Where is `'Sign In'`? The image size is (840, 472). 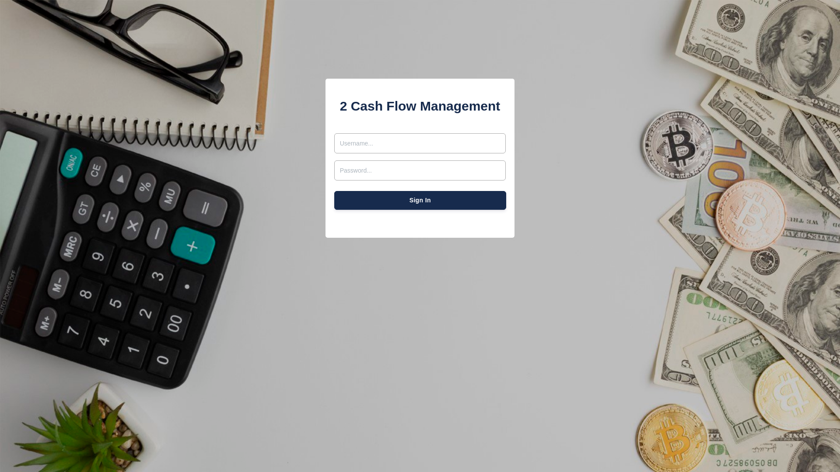
'Sign In' is located at coordinates (420, 200).